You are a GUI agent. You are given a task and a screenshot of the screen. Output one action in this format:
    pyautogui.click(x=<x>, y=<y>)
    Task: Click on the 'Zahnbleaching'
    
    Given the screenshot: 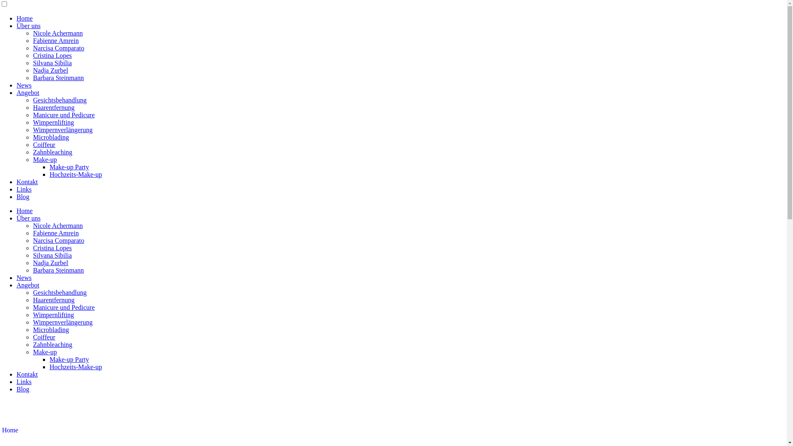 What is the action you would take?
    pyautogui.click(x=52, y=344)
    